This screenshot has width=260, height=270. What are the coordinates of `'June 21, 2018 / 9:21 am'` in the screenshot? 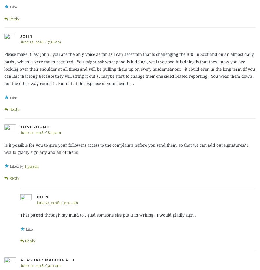 It's located at (20, 265).